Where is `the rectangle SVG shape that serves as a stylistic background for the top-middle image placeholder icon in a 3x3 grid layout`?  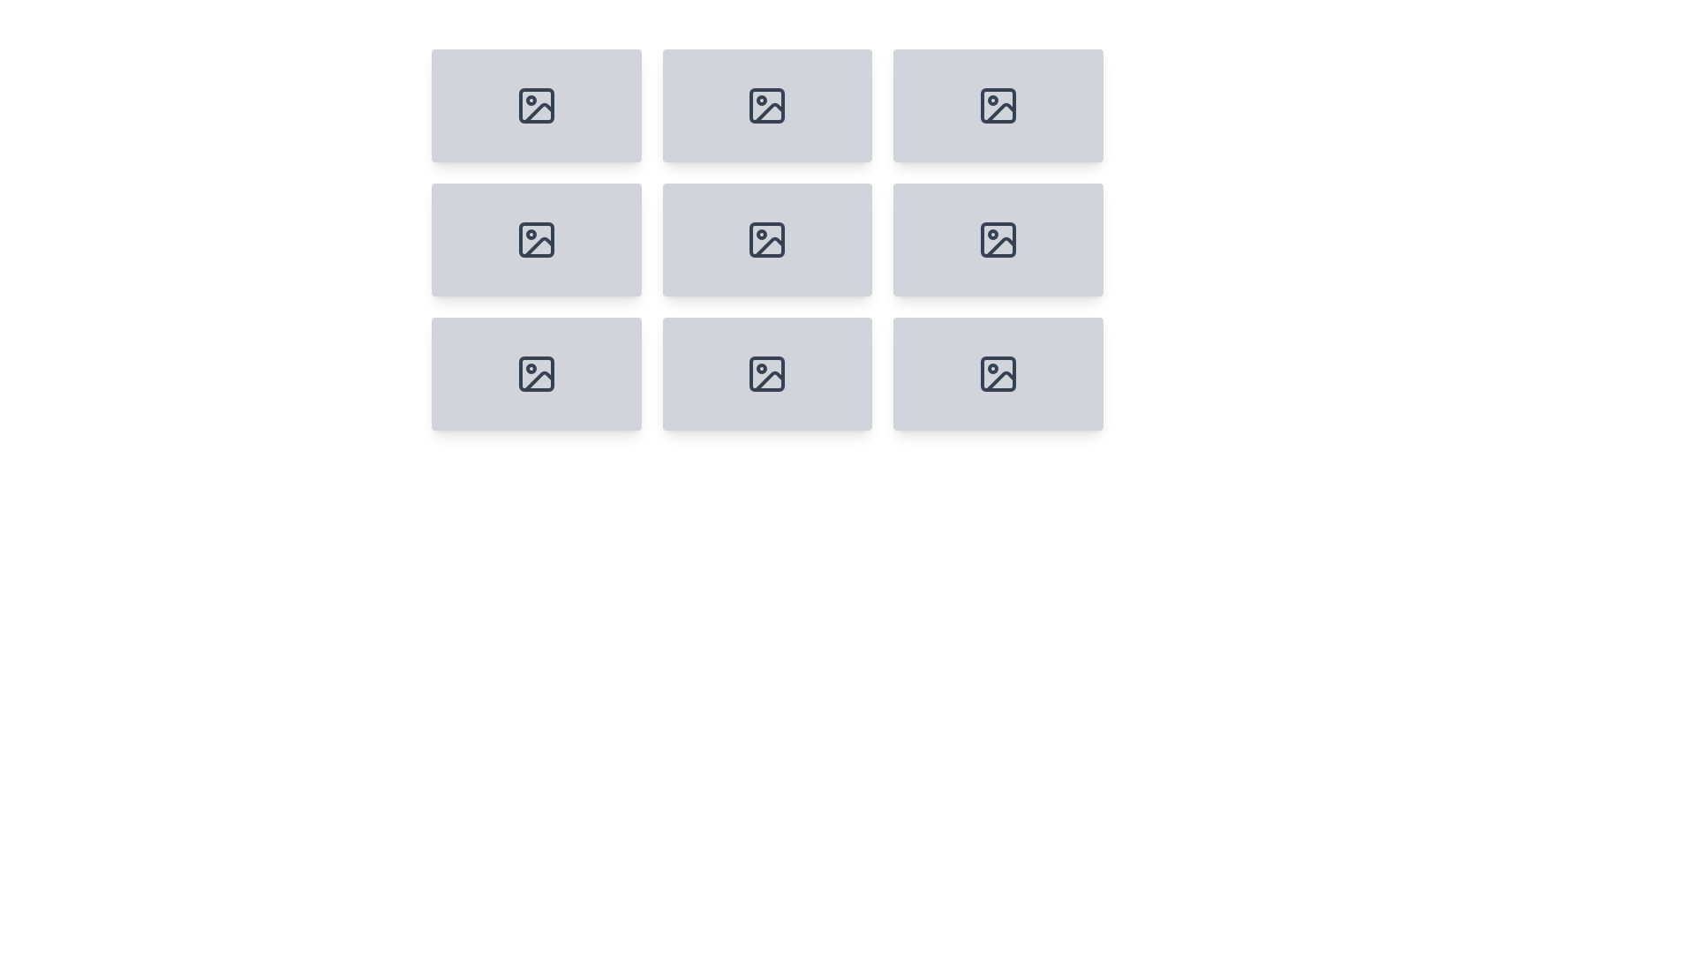 the rectangle SVG shape that serves as a stylistic background for the top-middle image placeholder icon in a 3x3 grid layout is located at coordinates (767, 105).